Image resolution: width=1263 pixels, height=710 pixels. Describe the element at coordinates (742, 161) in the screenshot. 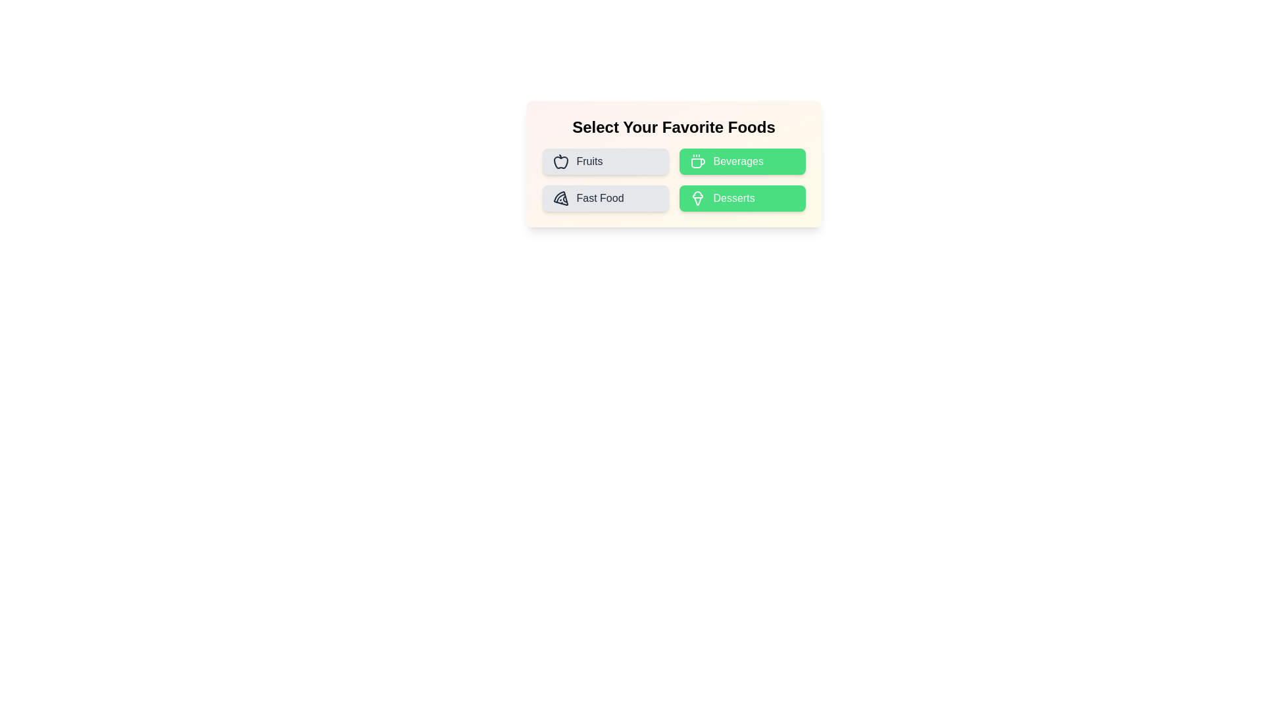

I see `the Beverages button to inspect its icon and label` at that location.